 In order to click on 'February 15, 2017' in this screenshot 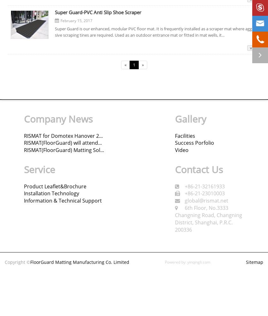, I will do `click(76, 20)`.